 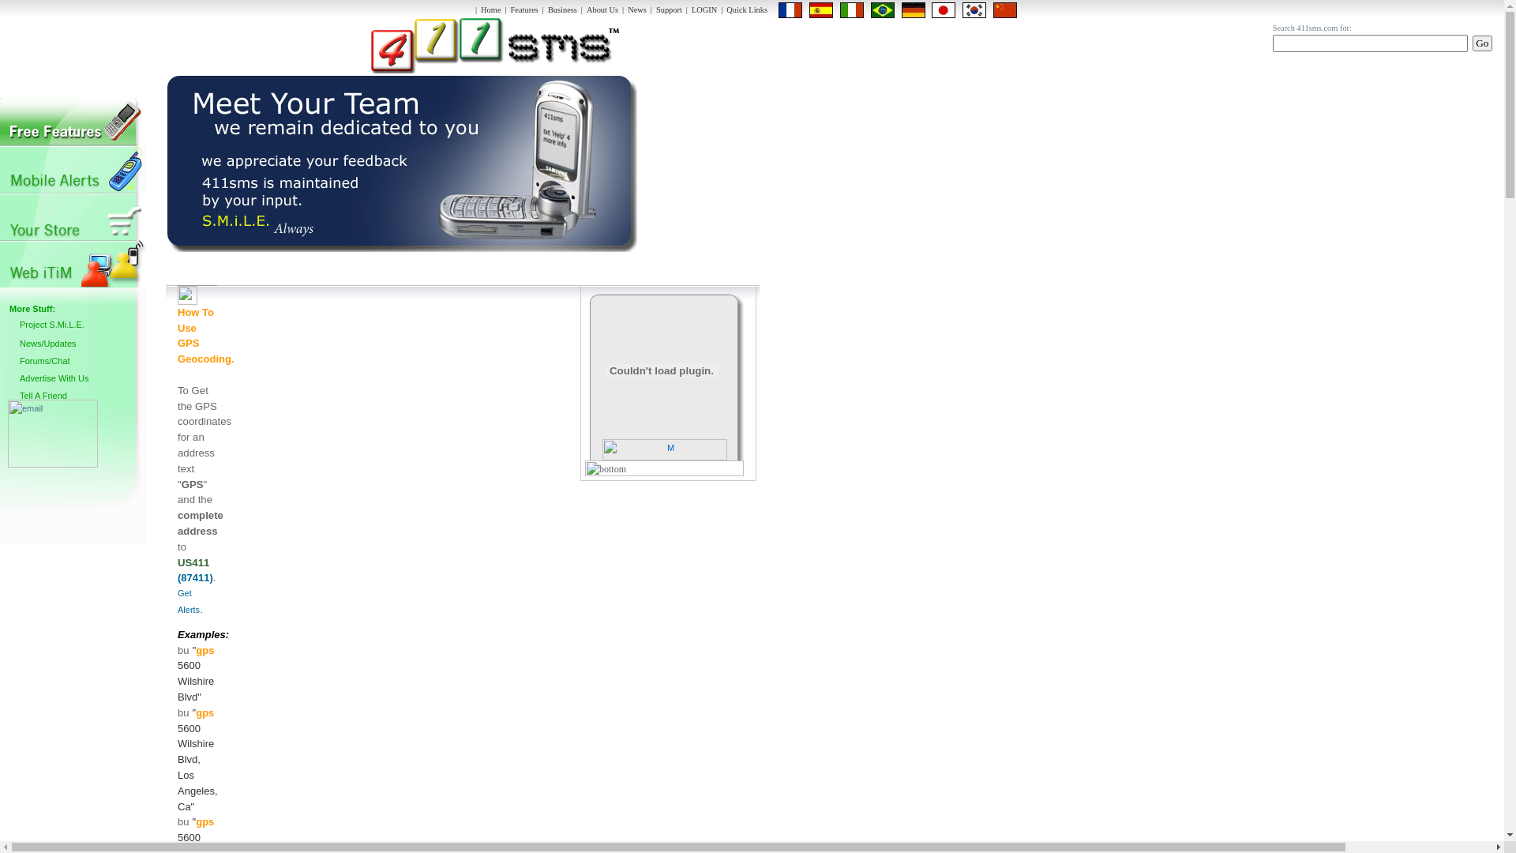 I want to click on 'Get Alerts', so click(x=189, y=601).